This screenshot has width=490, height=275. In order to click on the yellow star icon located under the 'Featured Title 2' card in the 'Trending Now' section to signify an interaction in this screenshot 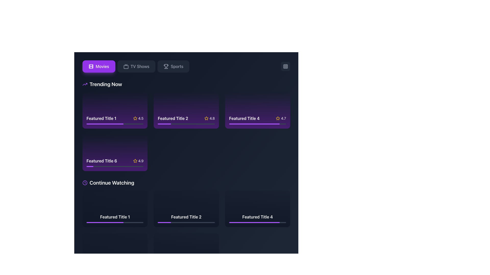, I will do `click(206, 118)`.